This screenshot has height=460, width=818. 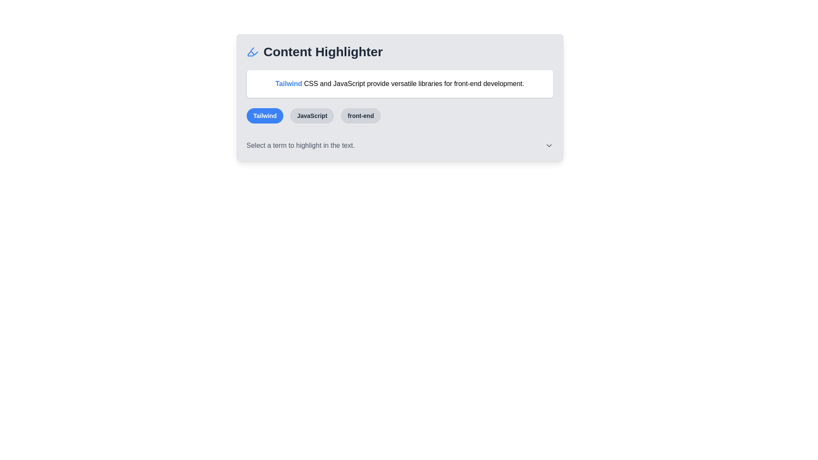 What do you see at coordinates (288, 83) in the screenshot?
I see `the text 'Tailwind', which is styled in blue and bold, located at the start of the sentence about front-end development technologies` at bounding box center [288, 83].